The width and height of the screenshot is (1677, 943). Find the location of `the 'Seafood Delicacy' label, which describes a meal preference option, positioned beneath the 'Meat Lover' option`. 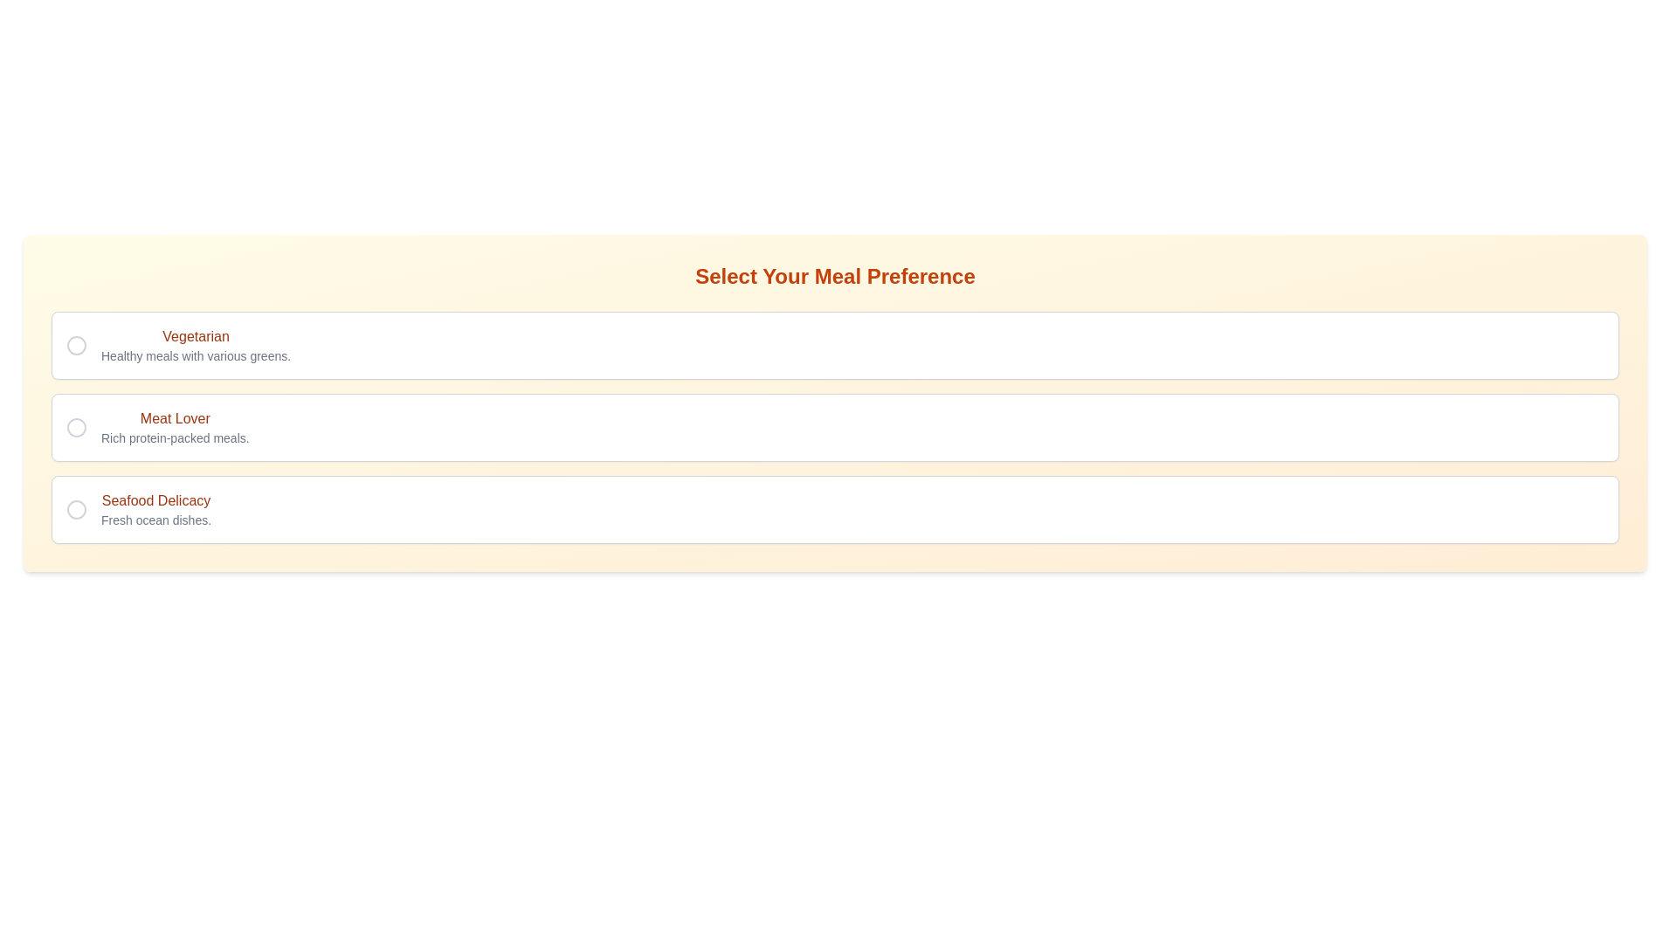

the 'Seafood Delicacy' label, which describes a meal preference option, positioned beneath the 'Meat Lover' option is located at coordinates (155, 509).